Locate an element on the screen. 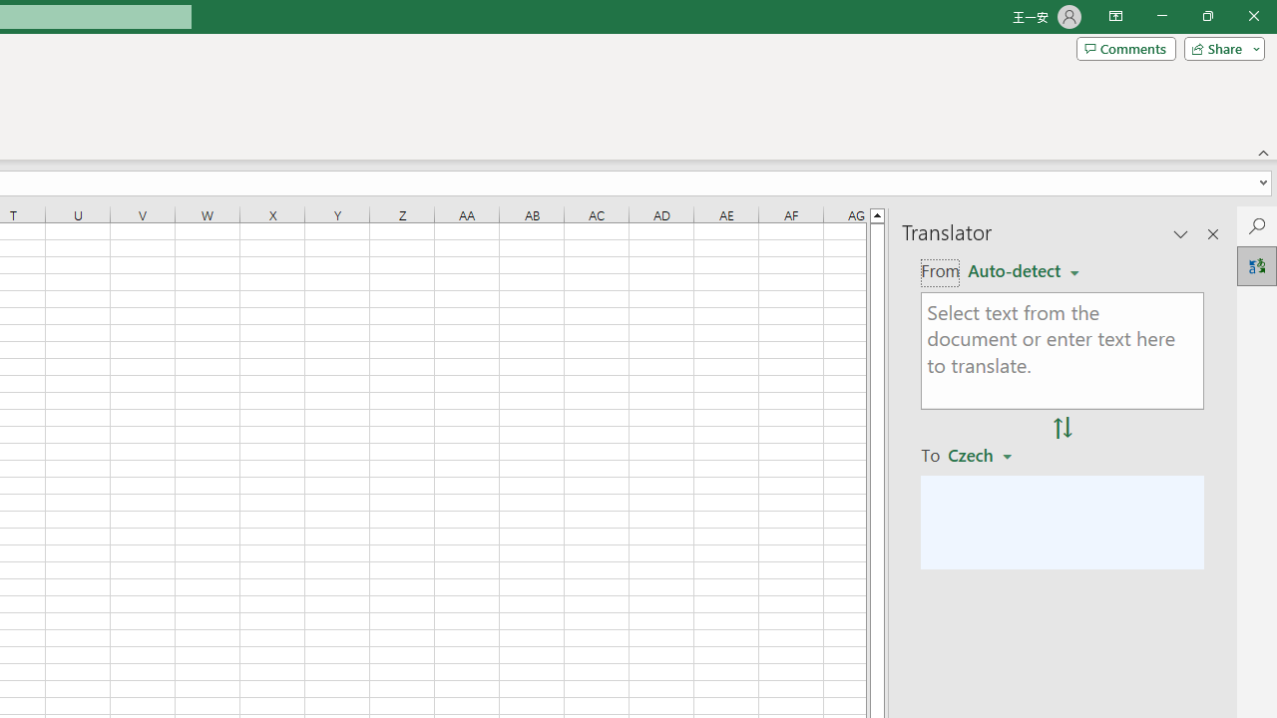  'Swap "from" and "to" languages.' is located at coordinates (1062, 427).